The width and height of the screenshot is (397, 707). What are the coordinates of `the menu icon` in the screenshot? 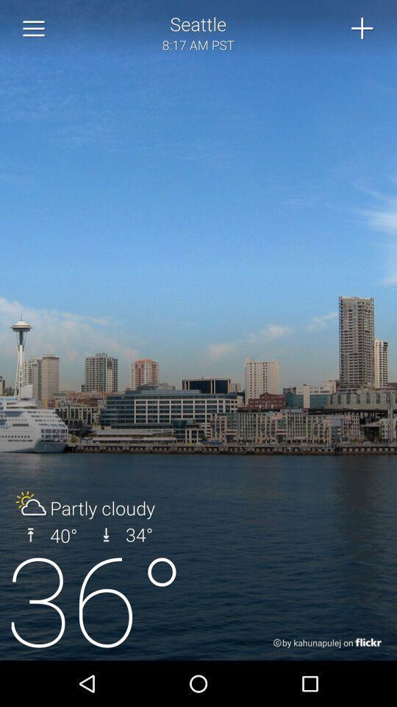 It's located at (34, 30).